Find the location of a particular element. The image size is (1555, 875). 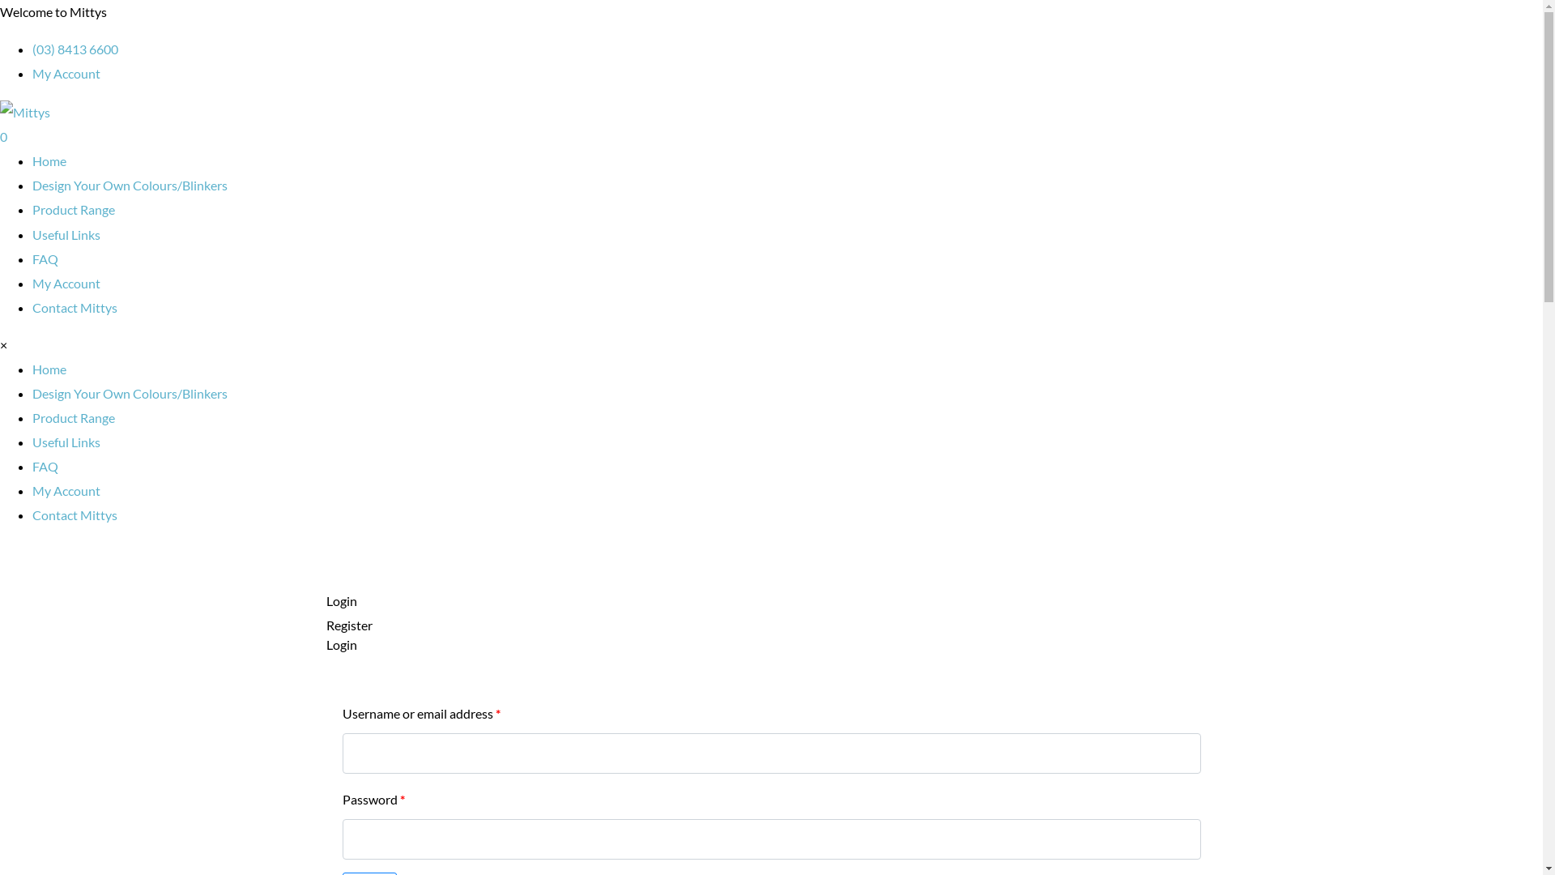

'FAQ' is located at coordinates (45, 258).